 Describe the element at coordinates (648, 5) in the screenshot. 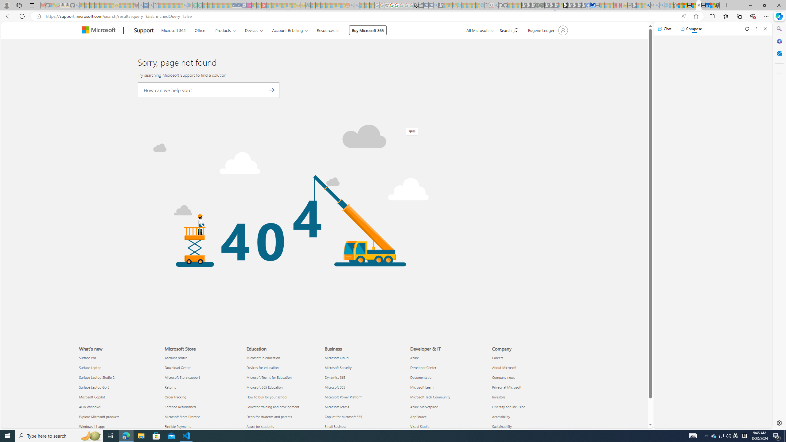

I see `'Bing AI - Search'` at that location.